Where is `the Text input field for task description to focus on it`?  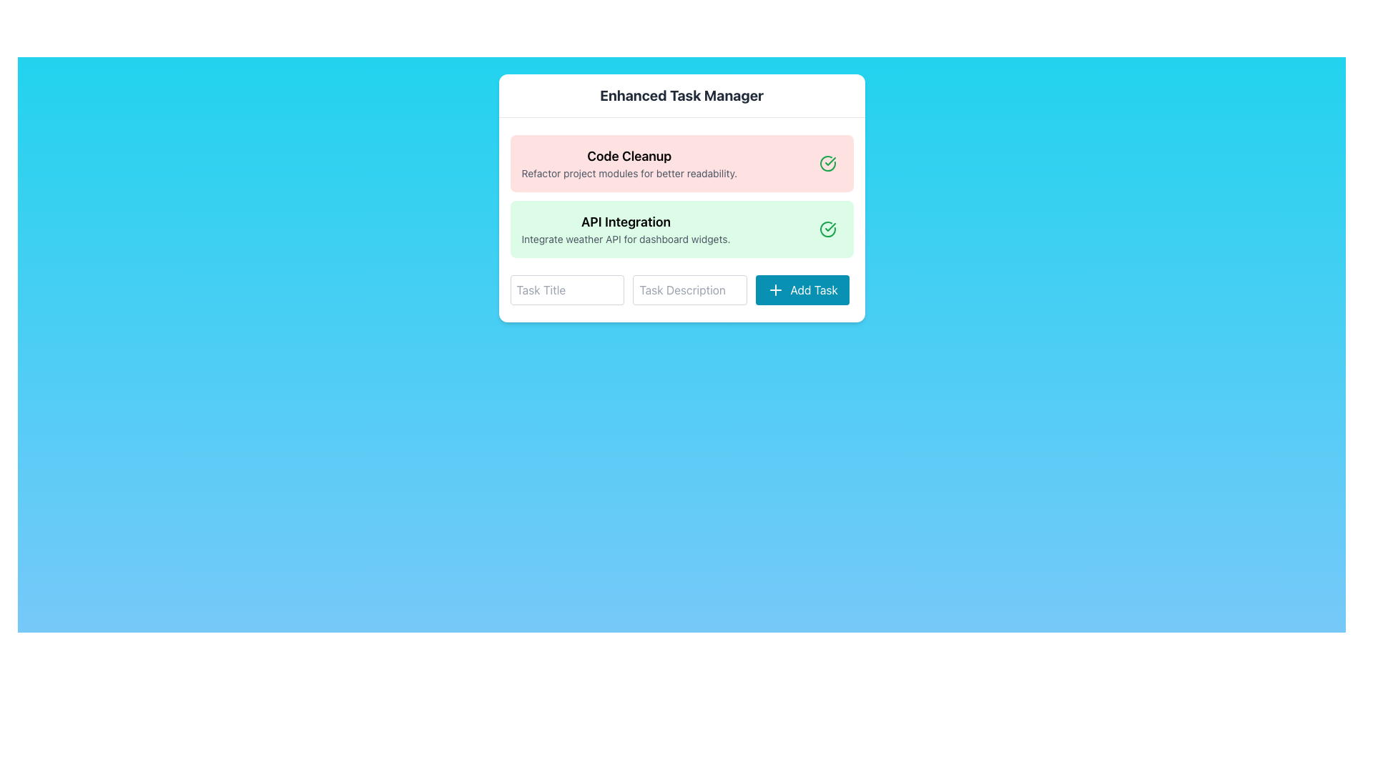
the Text input field for task description to focus on it is located at coordinates (690, 289).